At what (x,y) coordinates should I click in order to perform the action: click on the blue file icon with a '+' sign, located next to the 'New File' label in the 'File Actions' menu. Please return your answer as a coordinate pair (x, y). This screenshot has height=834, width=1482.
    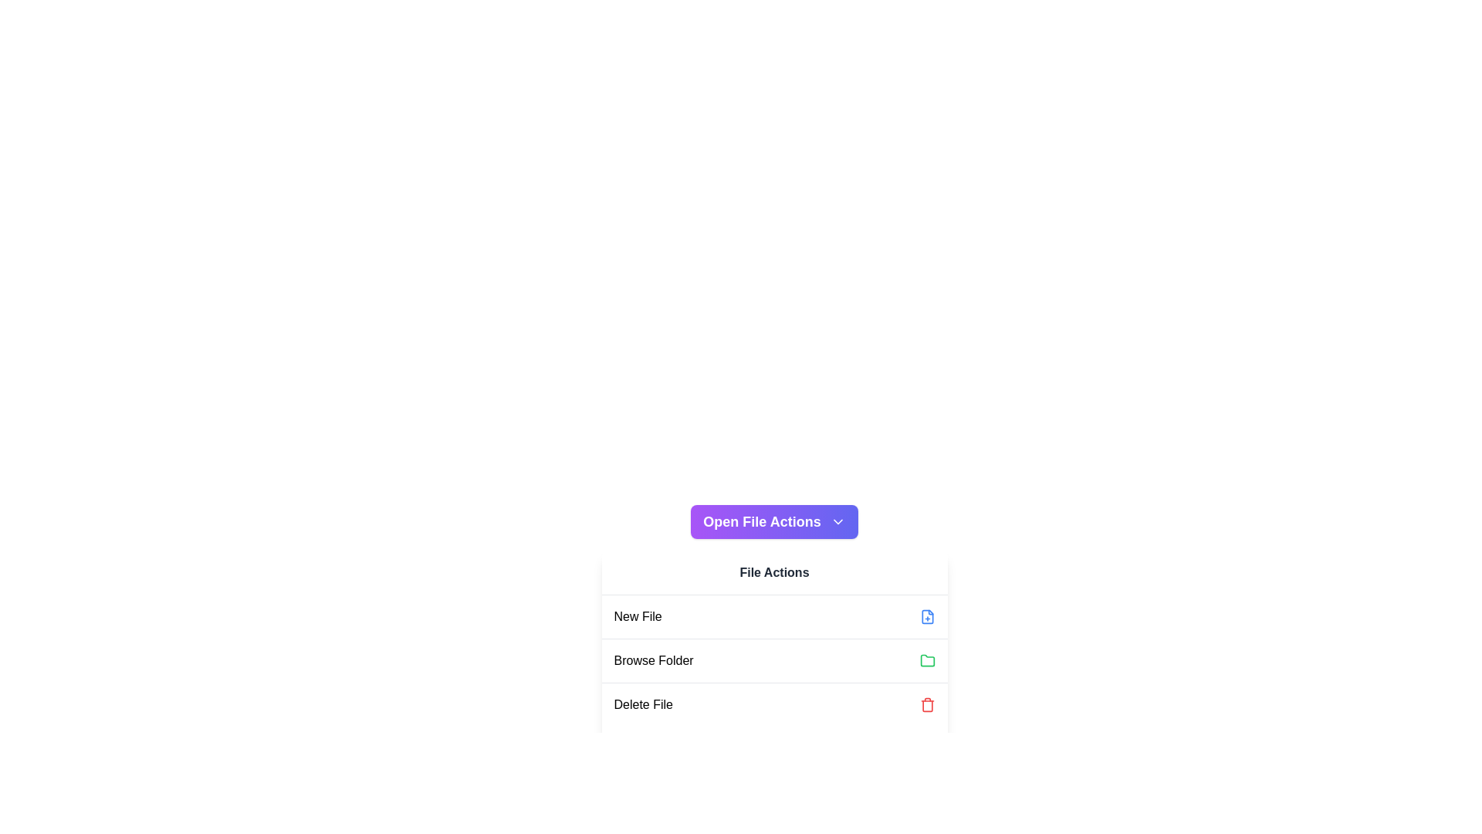
    Looking at the image, I should click on (926, 615).